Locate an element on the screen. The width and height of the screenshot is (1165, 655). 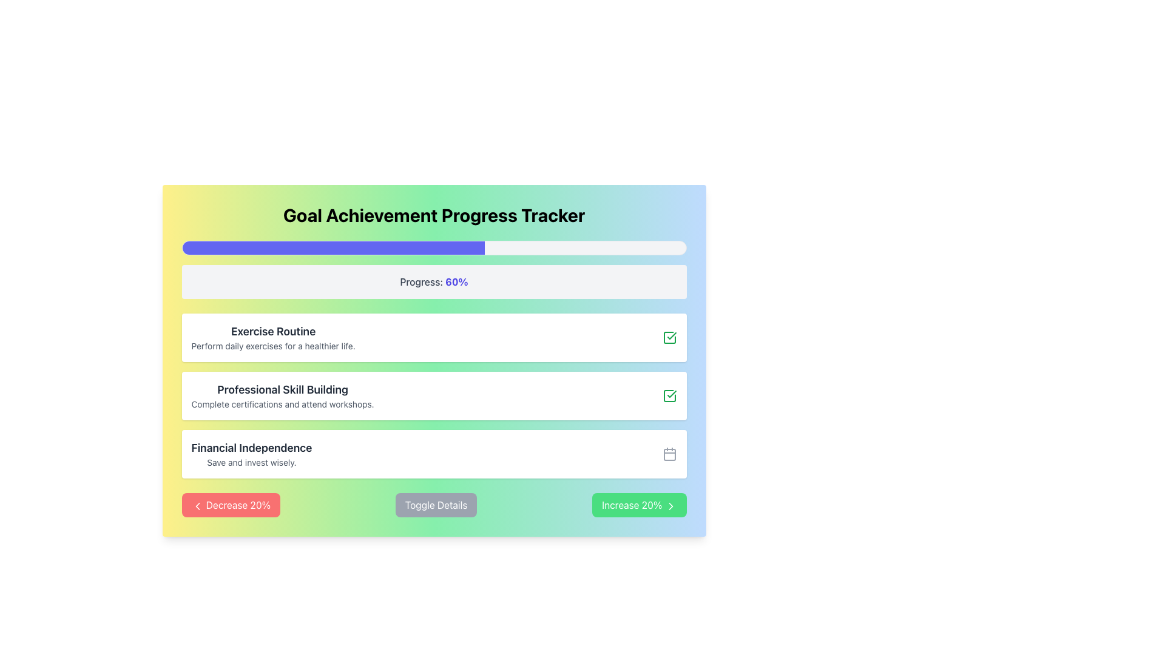
the Text Label displaying 'Professional Skill Building', which is a bold and large font heading located above the supporting description in the interface is located at coordinates (282, 390).